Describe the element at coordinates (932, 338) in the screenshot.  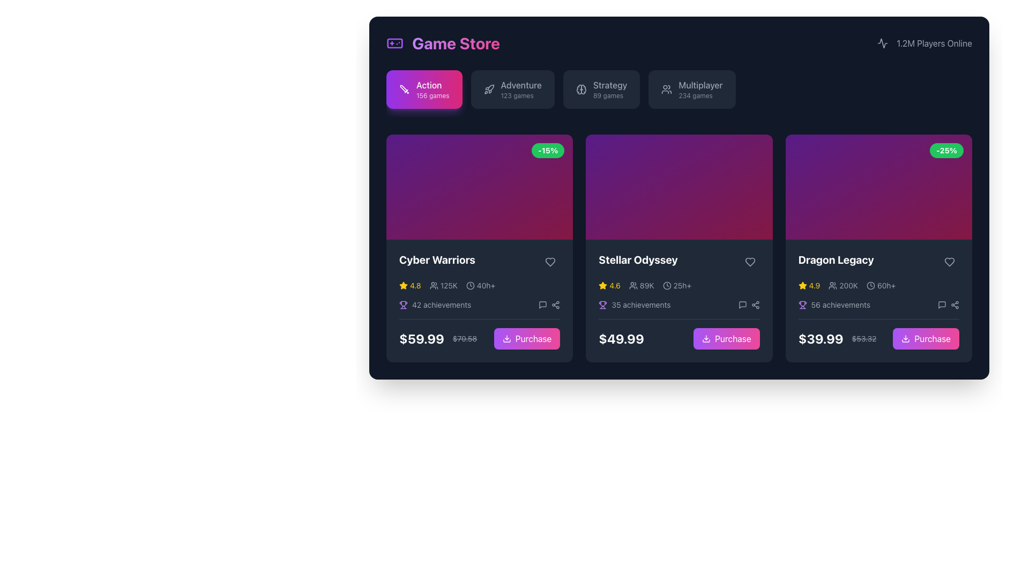
I see `the 'Purchase' button located below the 'Dragon Legacy' card in the product grid to initiate a purchase` at that location.